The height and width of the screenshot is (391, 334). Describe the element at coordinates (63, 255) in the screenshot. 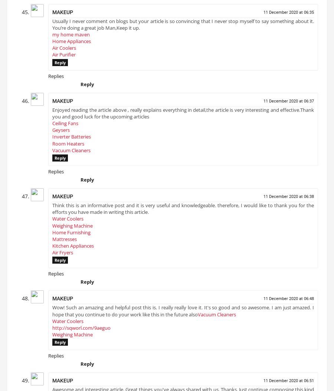

I see `'Air Fryers'` at that location.